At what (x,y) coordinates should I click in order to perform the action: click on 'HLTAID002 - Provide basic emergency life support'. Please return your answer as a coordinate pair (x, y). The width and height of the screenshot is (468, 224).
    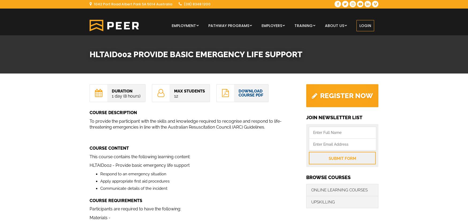
    Looking at the image, I should click on (139, 165).